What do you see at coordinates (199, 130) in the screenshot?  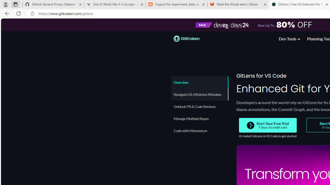 I see `'Code with Momentum'` at bounding box center [199, 130].